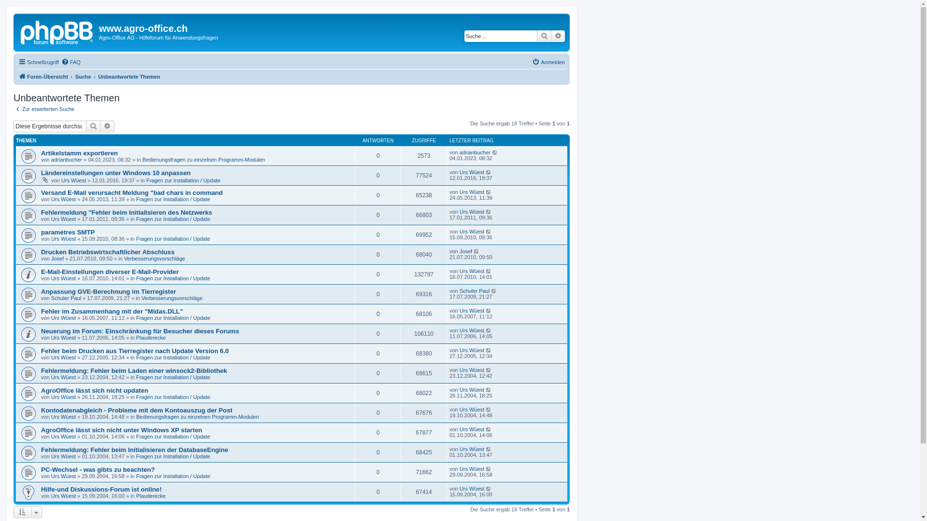  What do you see at coordinates (136, 437) in the screenshot?
I see `'Fragen zur Installation / Update'` at bounding box center [136, 437].